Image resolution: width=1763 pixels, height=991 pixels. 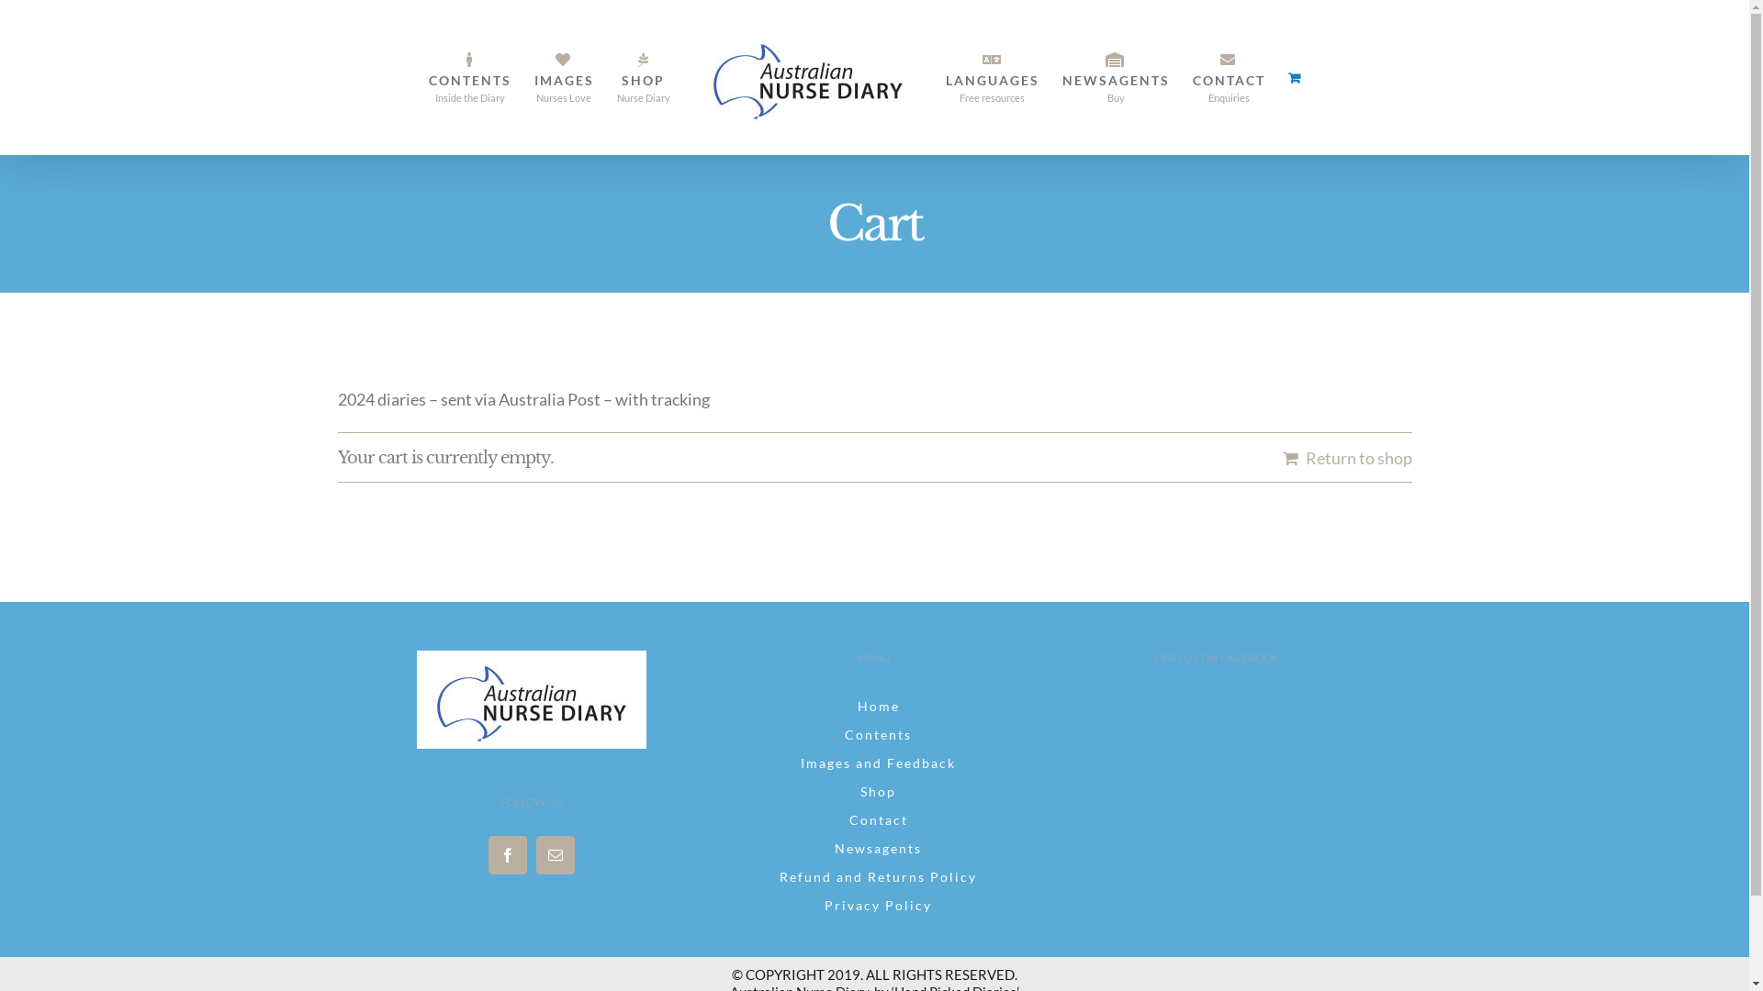 What do you see at coordinates (563, 76) in the screenshot?
I see `'IMAGES` at bounding box center [563, 76].